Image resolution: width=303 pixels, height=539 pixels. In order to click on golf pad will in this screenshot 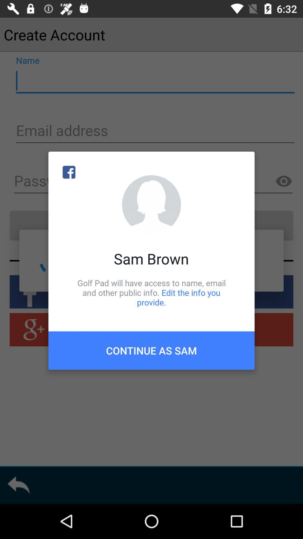, I will do `click(151, 292)`.